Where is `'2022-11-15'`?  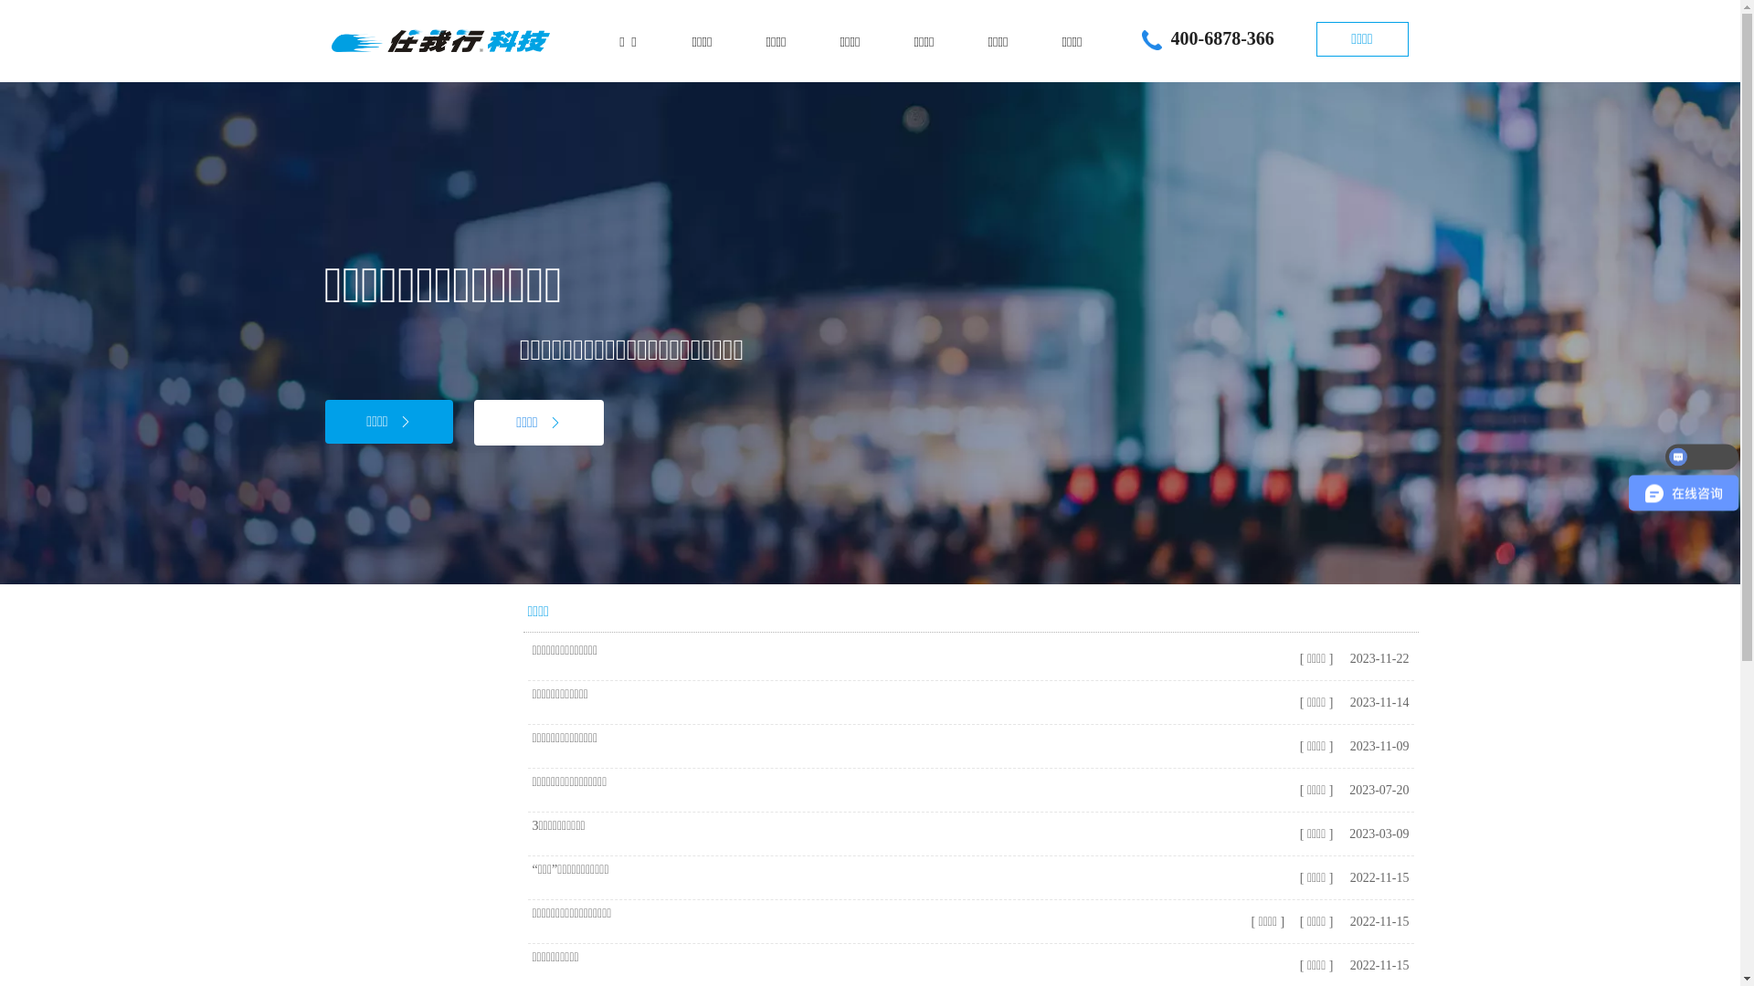
'2022-11-15' is located at coordinates (1345, 921).